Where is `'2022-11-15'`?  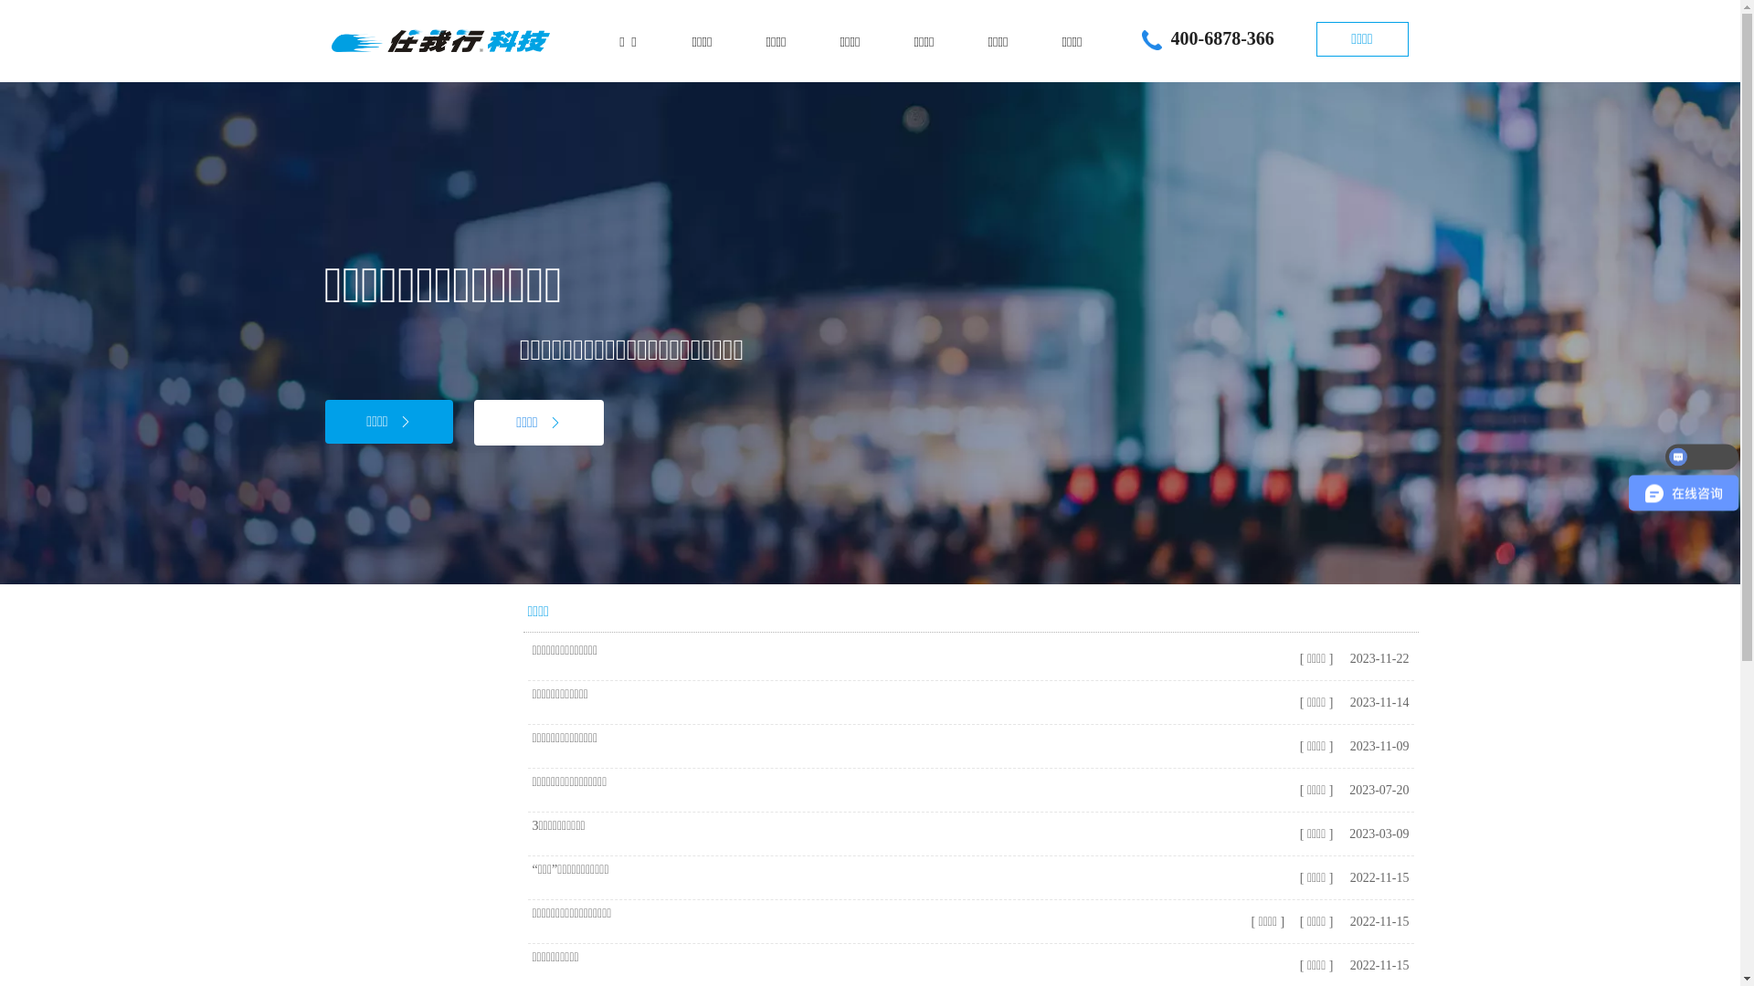
'2022-11-15' is located at coordinates (1345, 921).